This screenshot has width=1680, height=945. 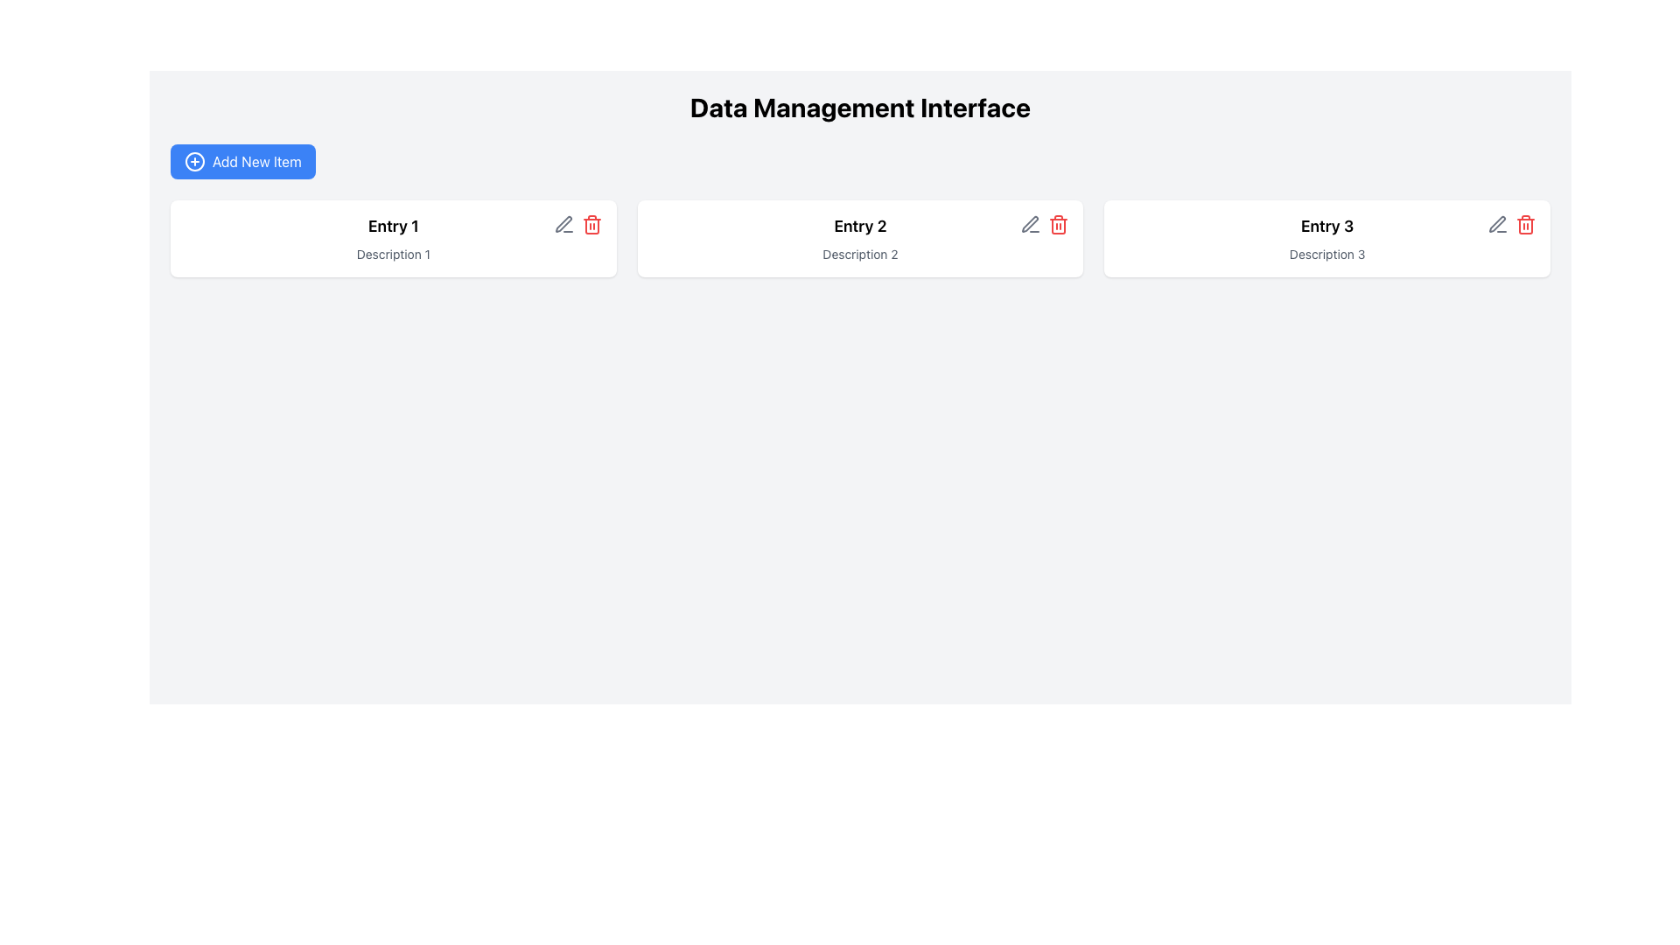 I want to click on the Icon Button located at the top-right corner of the 'Entry 2' card, so click(x=1057, y=224).